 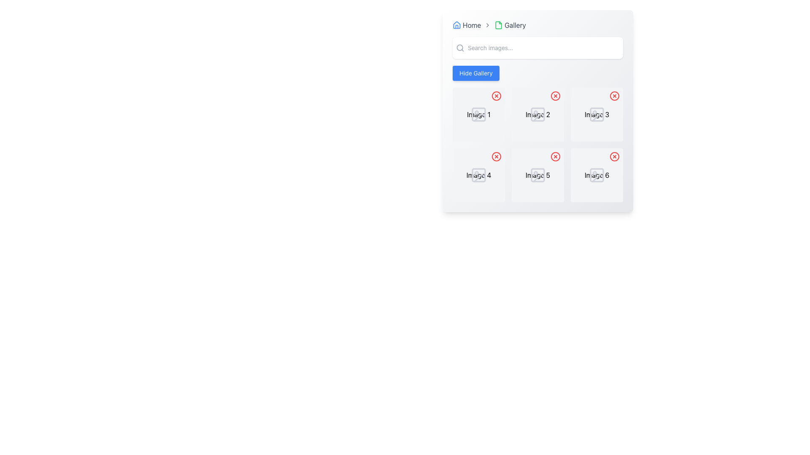 What do you see at coordinates (478, 115) in the screenshot?
I see `SVG graphic element located in the upper-left corner of the grid of image placeholders by clicking on it` at bounding box center [478, 115].